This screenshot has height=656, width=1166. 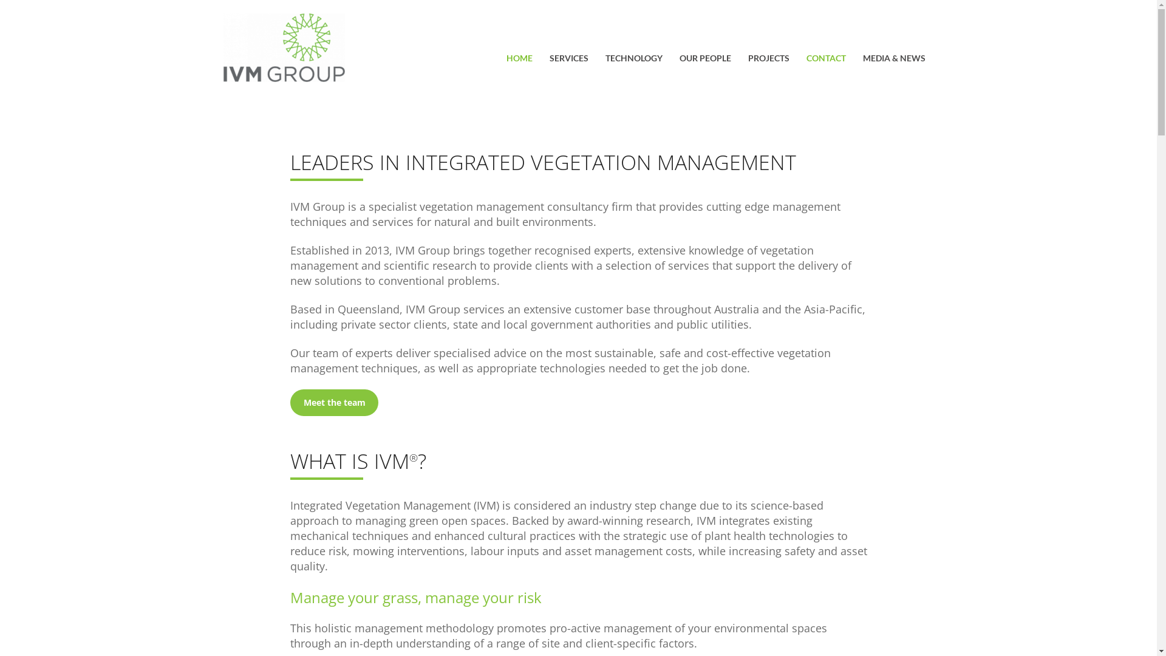 I want to click on 'CONTACT', so click(x=806, y=60).